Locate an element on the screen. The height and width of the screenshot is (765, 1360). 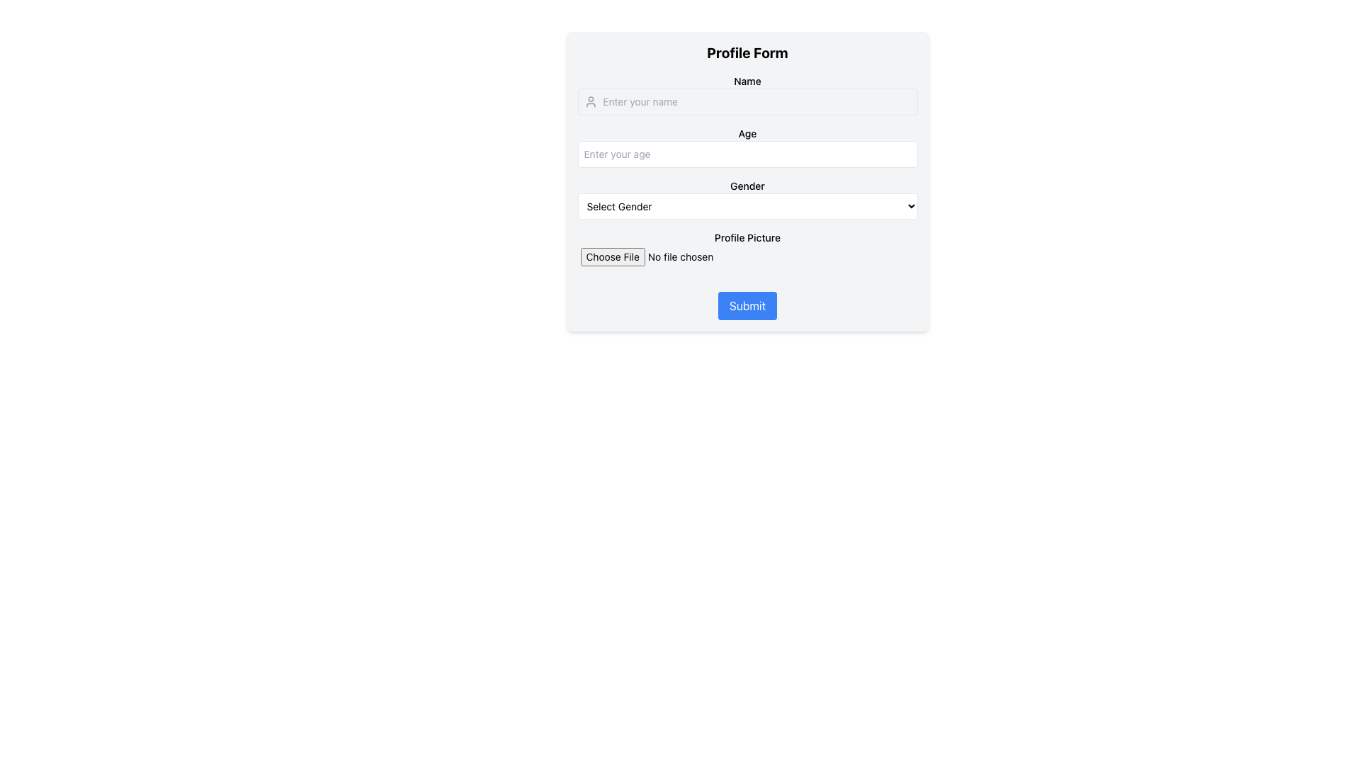
text of the label that provides guidance for the file input field, located below the 'Gender' dropdown and above the 'Choose File' input field is located at coordinates (747, 237).